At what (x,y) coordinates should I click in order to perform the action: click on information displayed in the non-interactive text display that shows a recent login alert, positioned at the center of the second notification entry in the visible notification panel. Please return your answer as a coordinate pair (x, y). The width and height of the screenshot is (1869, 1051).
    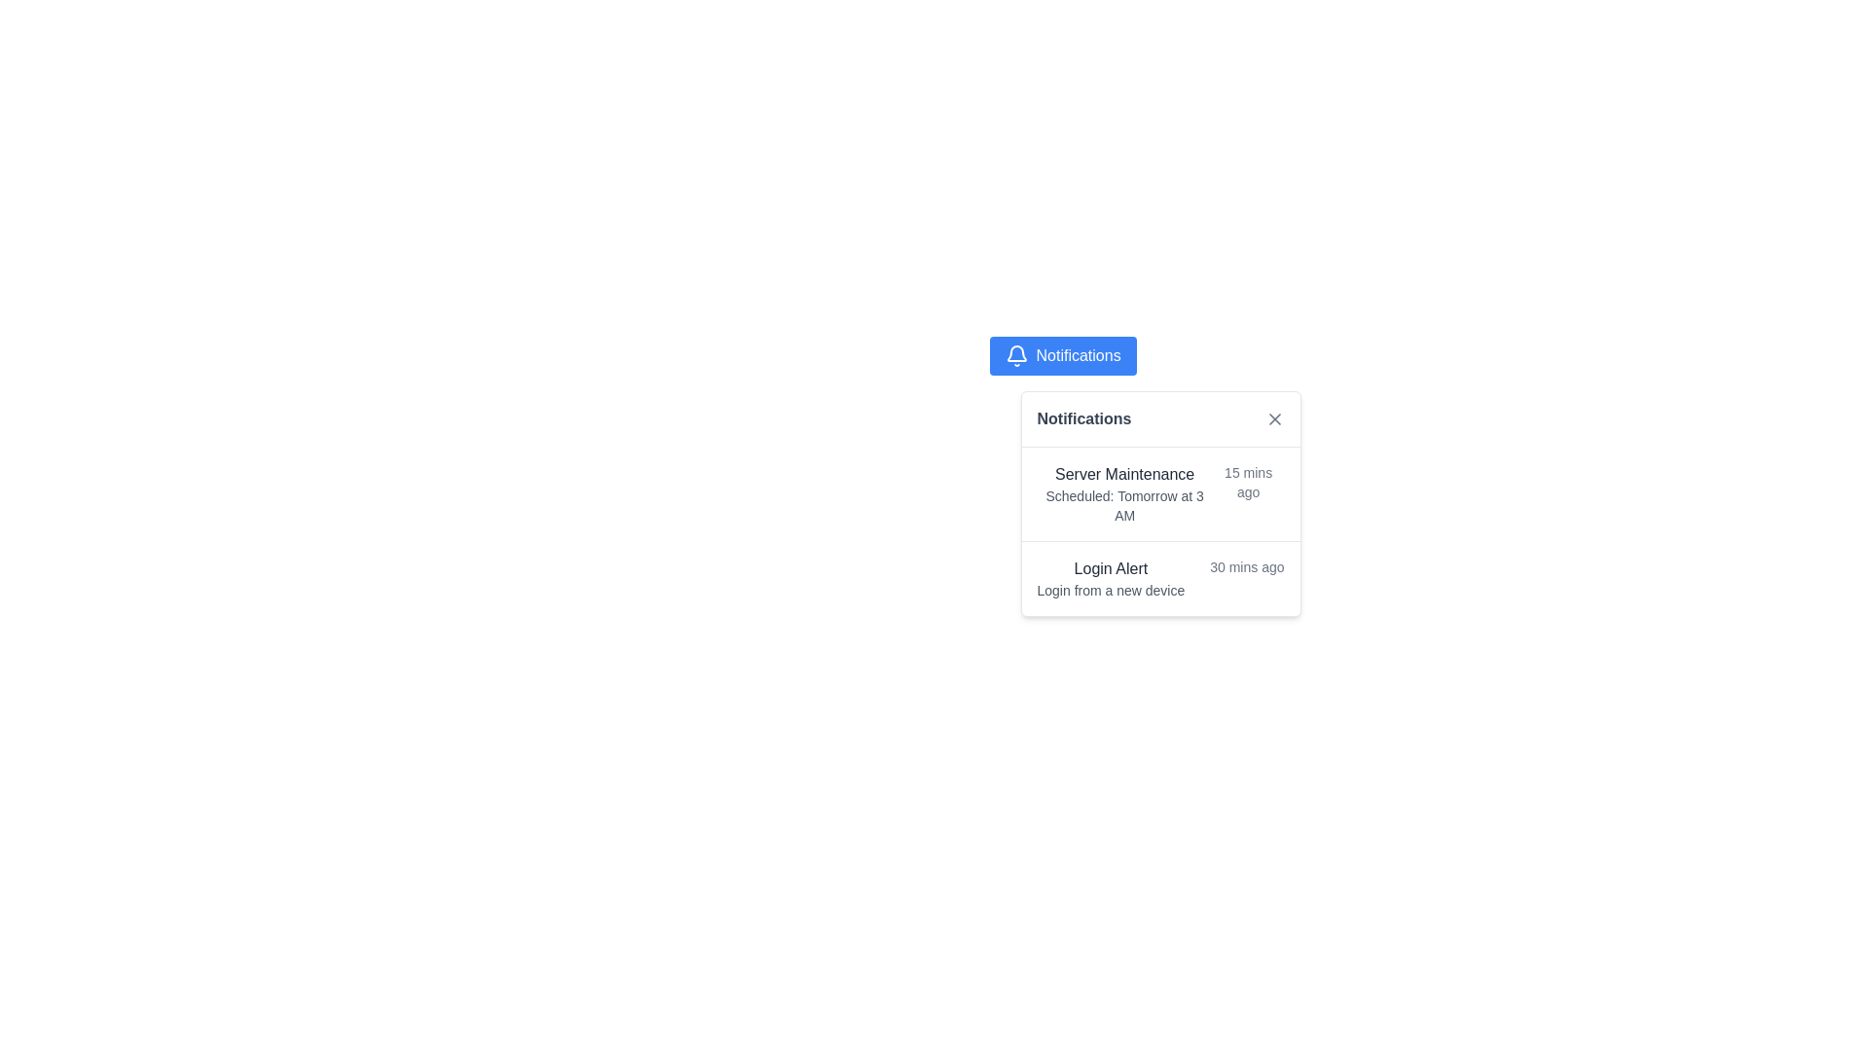
    Looking at the image, I should click on (1111, 577).